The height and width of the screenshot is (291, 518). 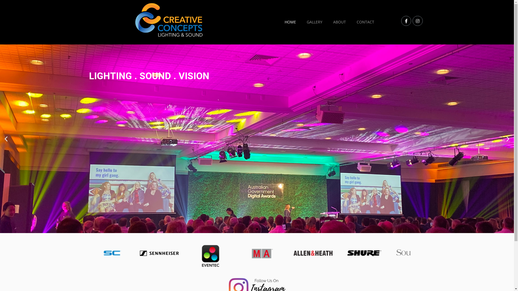 What do you see at coordinates (365, 22) in the screenshot?
I see `'CONTACT'` at bounding box center [365, 22].